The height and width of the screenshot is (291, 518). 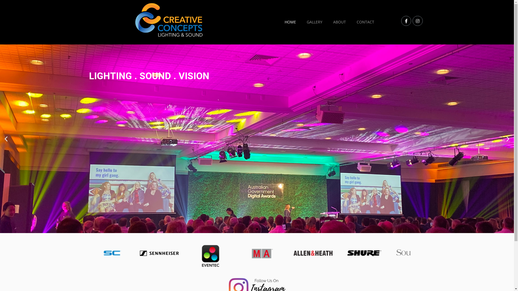 What do you see at coordinates (365, 22) in the screenshot?
I see `'CONTACT'` at bounding box center [365, 22].